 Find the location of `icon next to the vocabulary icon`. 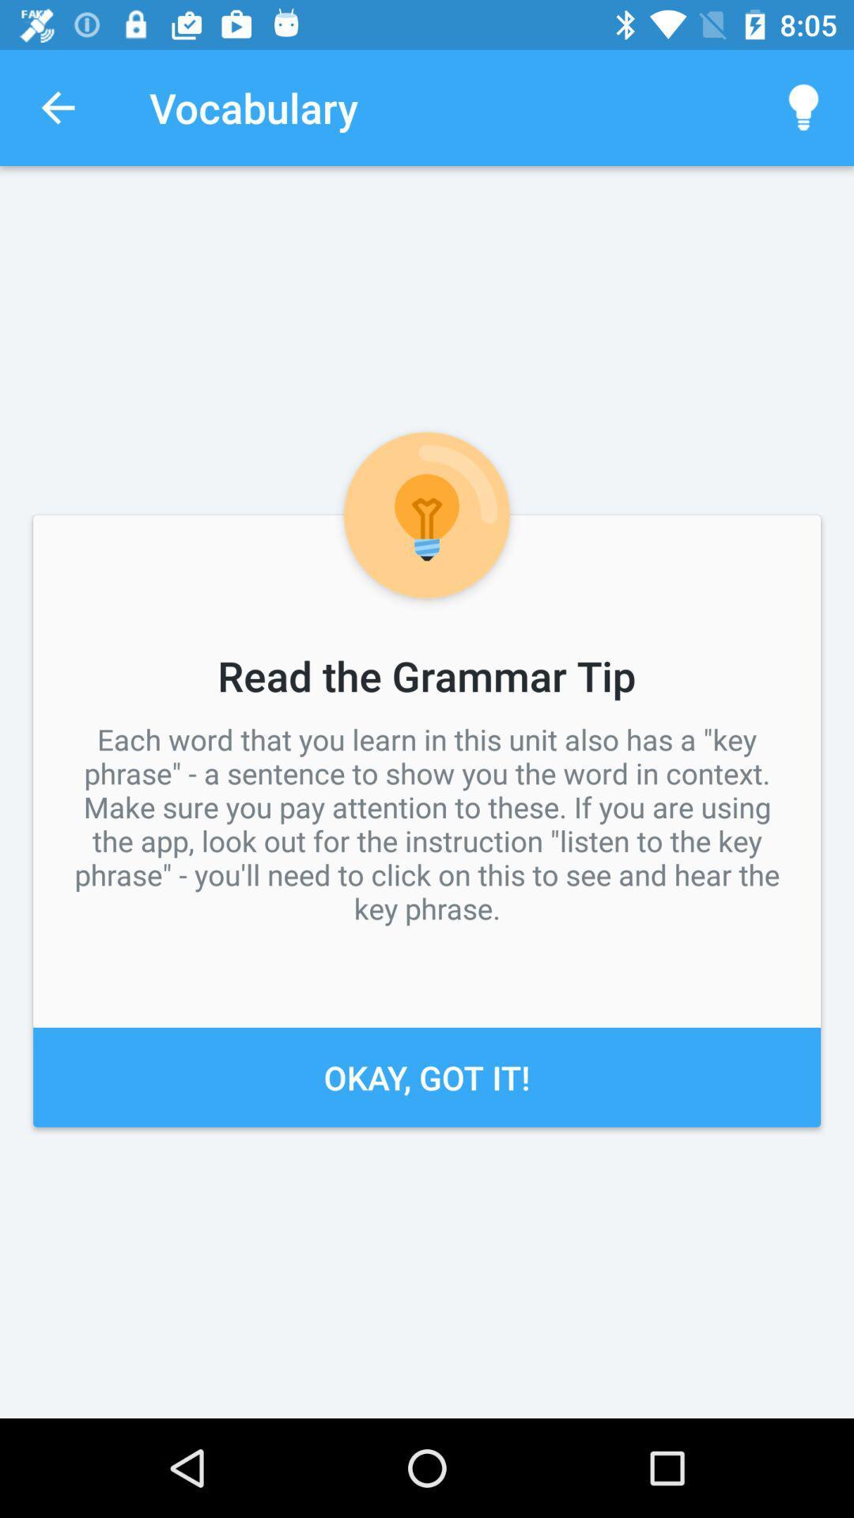

icon next to the vocabulary icon is located at coordinates (57, 107).